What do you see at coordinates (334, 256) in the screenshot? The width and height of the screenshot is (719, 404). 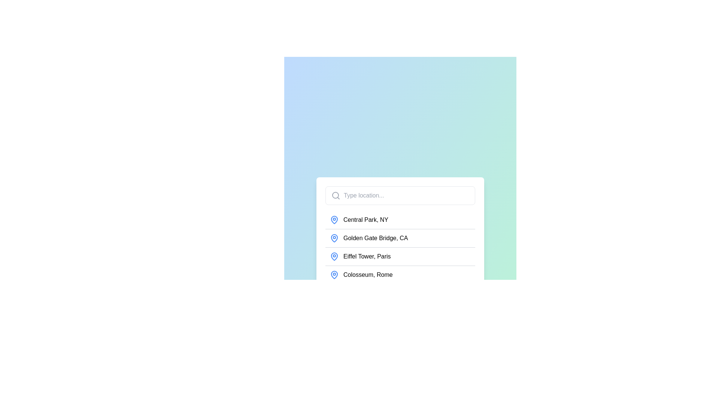 I see `the map pin icon component associated with the location 'Eiffel Tower, Paris' in the dropdown` at bounding box center [334, 256].